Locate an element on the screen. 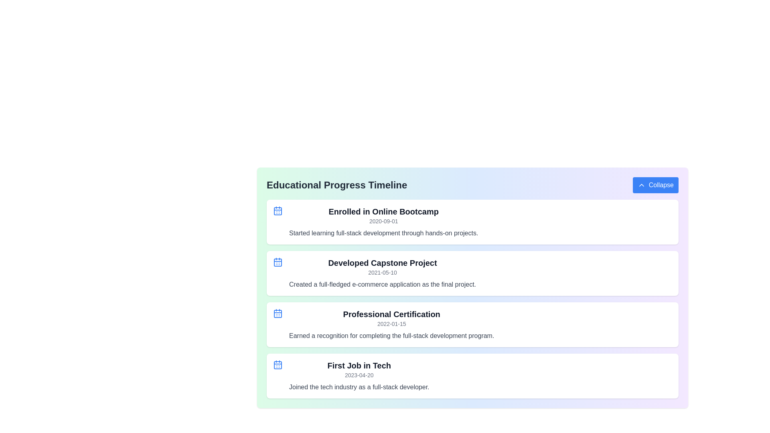 The height and width of the screenshot is (433, 770). the text label providing details about the event 'Joined the tech industry as a full-stack developer.' under the heading 'First Job in Tech' is located at coordinates (359, 386).